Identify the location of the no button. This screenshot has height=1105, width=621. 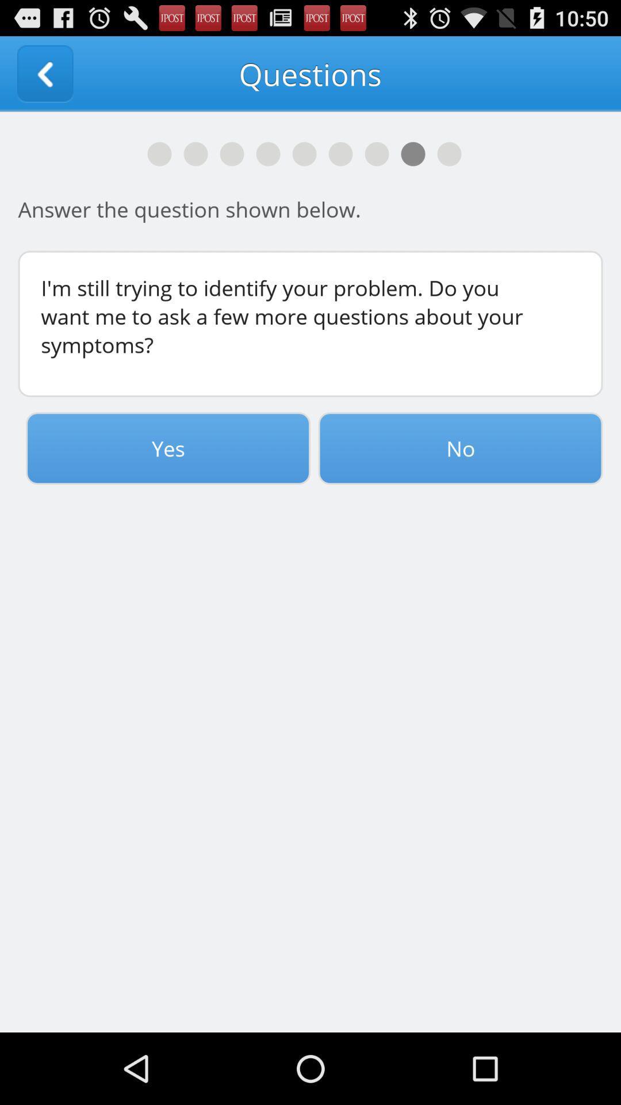
(460, 448).